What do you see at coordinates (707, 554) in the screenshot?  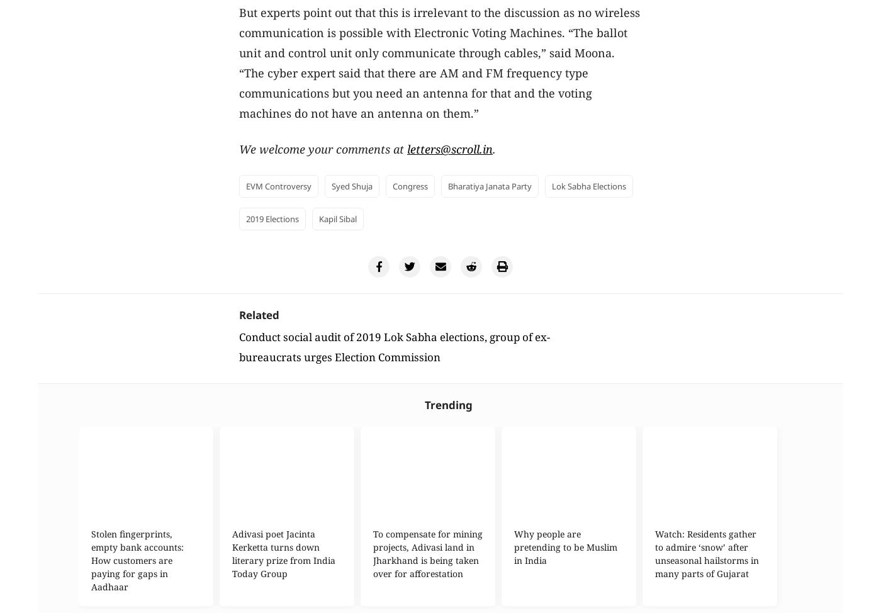 I see `'Watch: Residents gather to admire ‘snow’ after unseasonal hailstorms in many parts of Gujarat'` at bounding box center [707, 554].